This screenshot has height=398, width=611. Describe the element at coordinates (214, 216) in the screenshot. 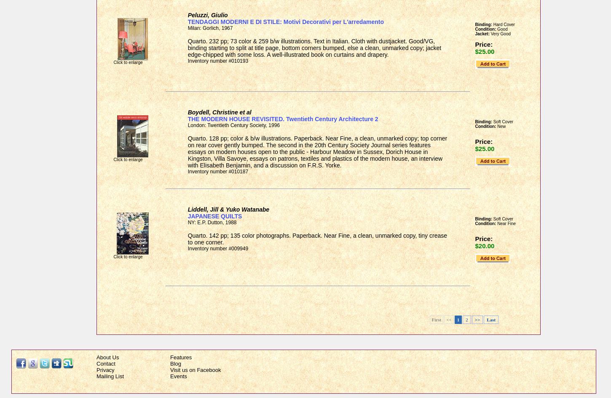

I see `'JAPANESE QUILTS'` at that location.